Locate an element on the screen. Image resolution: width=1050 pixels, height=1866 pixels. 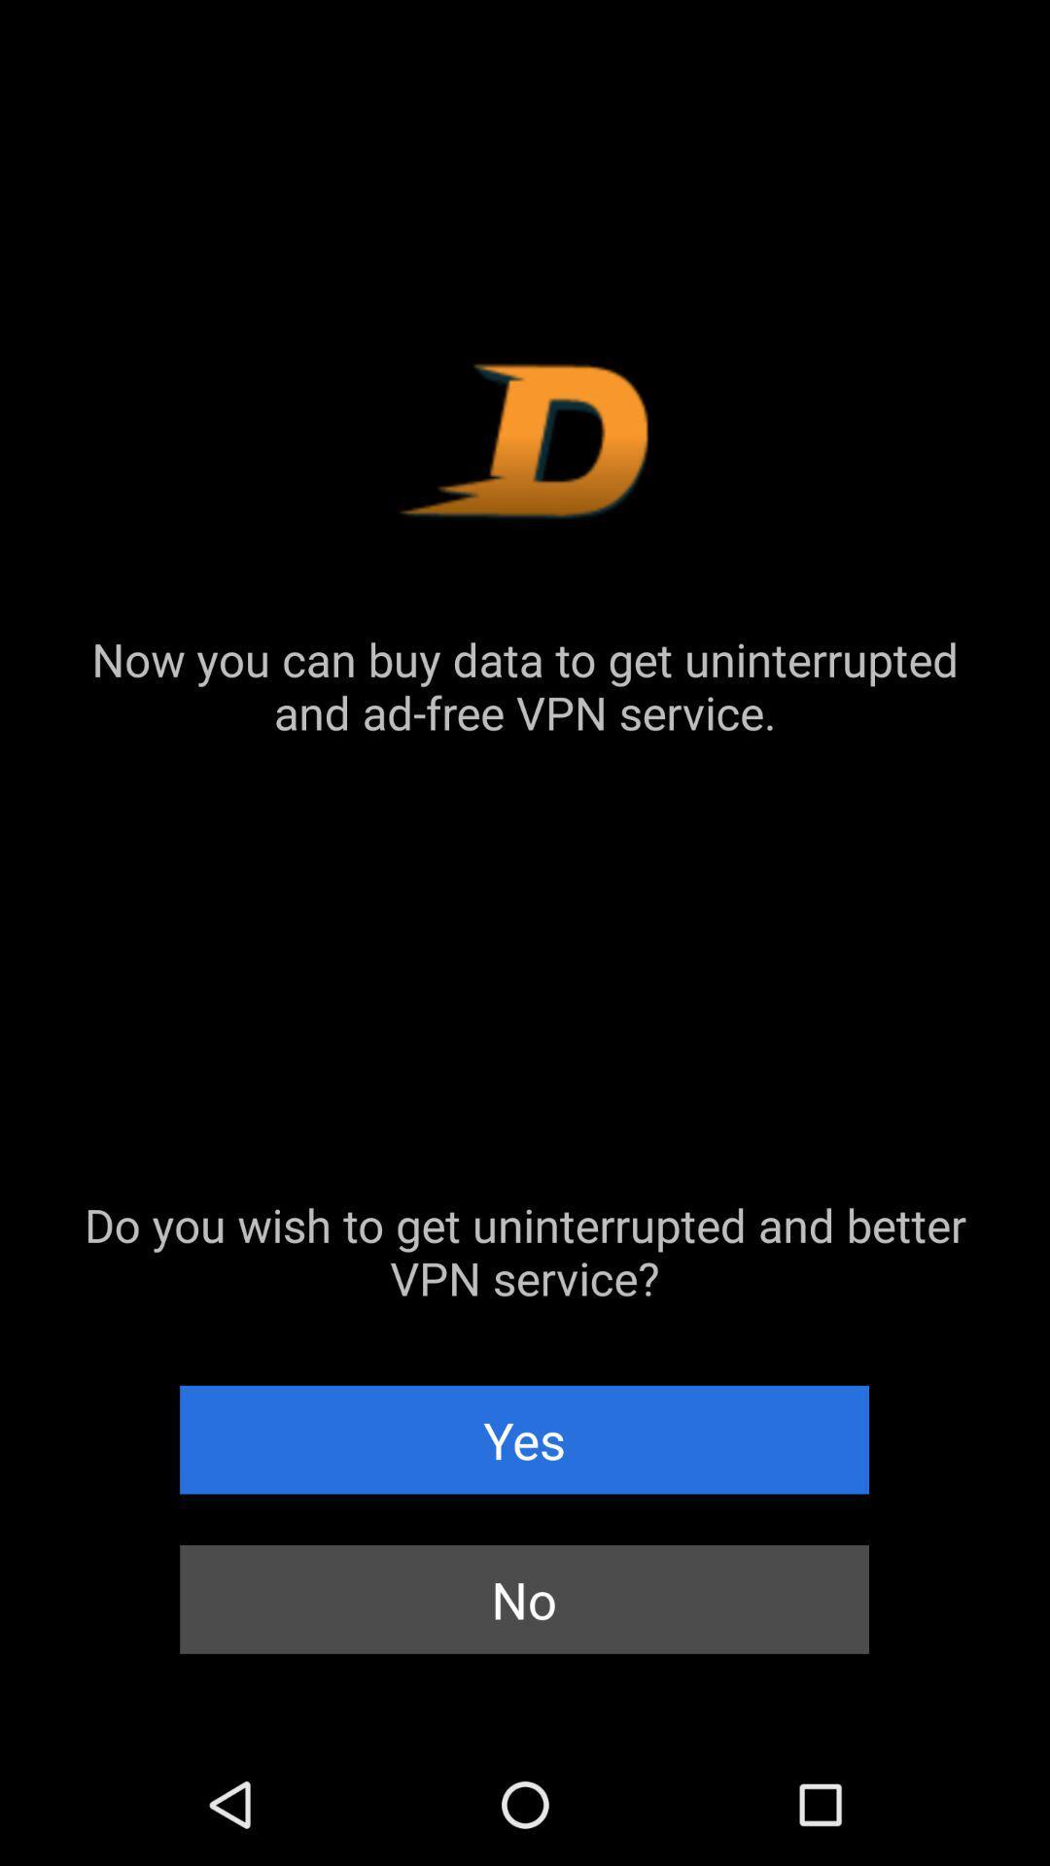
yes icon is located at coordinates (523, 1439).